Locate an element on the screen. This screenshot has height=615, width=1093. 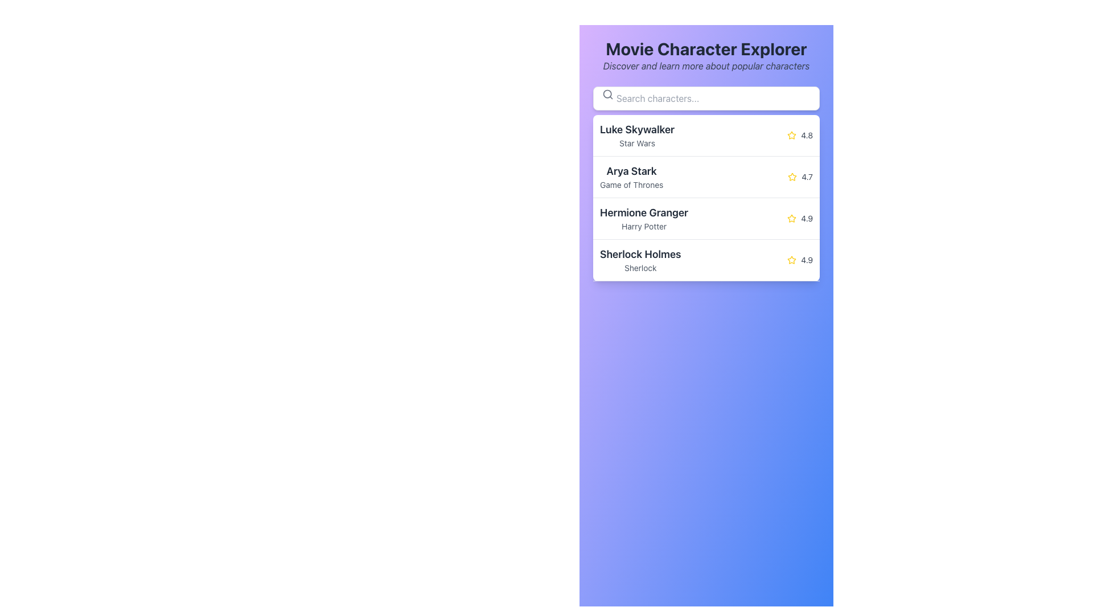
the text label displaying '4.8' in gray, located to the right of the yellow star icon within the rating display for 'Luke Skywalker | Star Wars' is located at coordinates (806, 135).